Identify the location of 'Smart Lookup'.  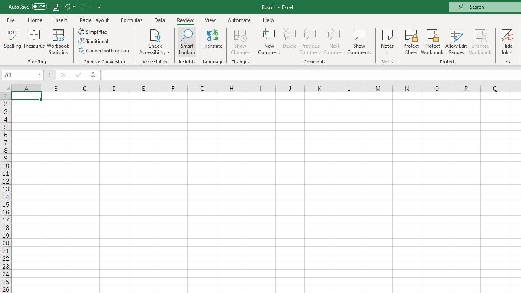
(186, 42).